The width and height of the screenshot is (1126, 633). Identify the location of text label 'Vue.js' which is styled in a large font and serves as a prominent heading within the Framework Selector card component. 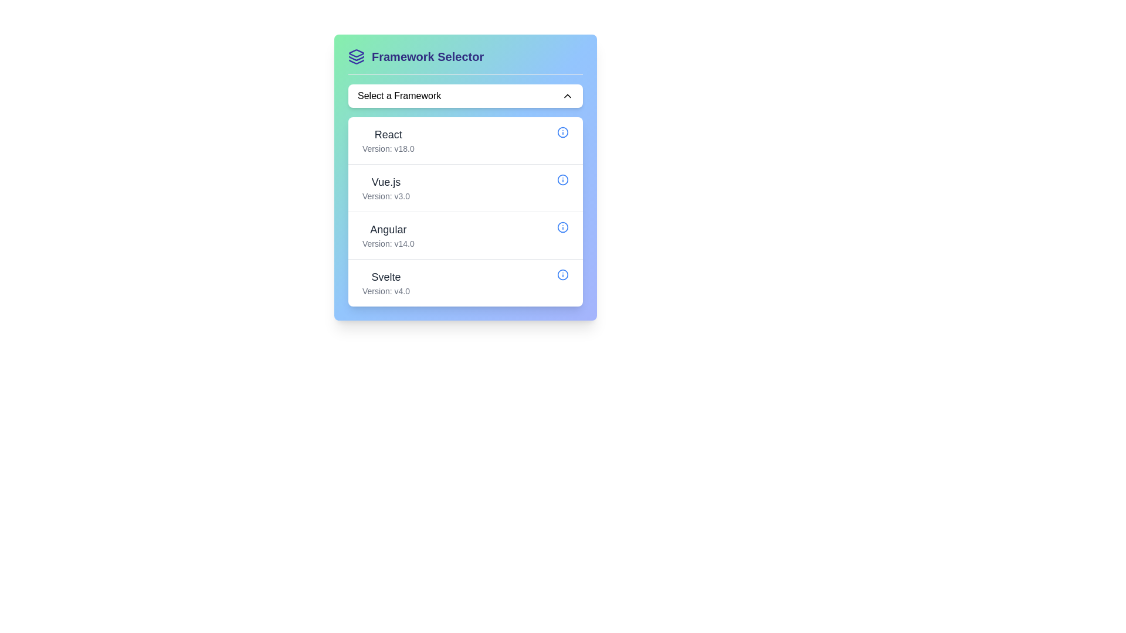
(386, 182).